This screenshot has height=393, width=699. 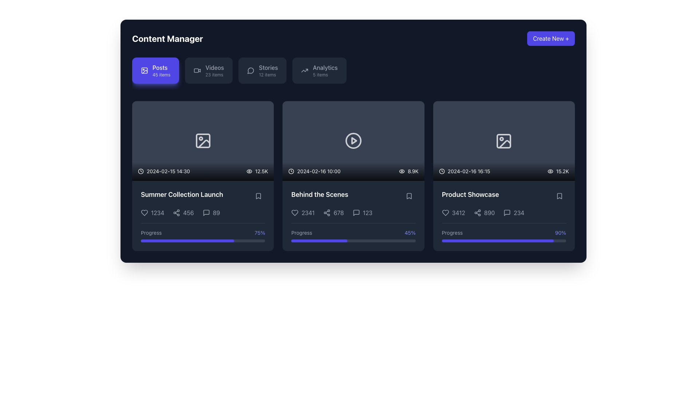 I want to click on the progress bar indicating 75% progress located within the 'Summer Collection Launch' card, so click(x=203, y=233).